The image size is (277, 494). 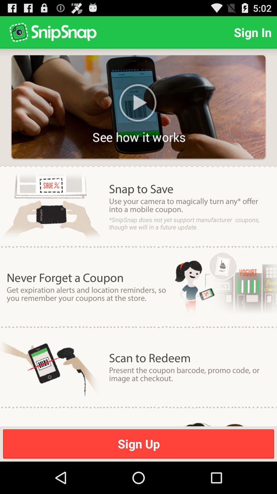 I want to click on the sign in at the top right corner, so click(x=252, y=32).